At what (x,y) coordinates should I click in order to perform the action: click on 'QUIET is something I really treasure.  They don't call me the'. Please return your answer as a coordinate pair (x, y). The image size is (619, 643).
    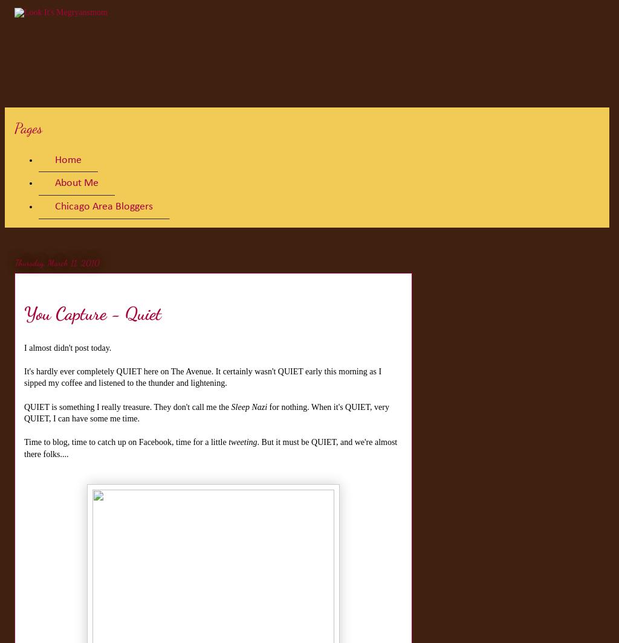
    Looking at the image, I should click on (128, 406).